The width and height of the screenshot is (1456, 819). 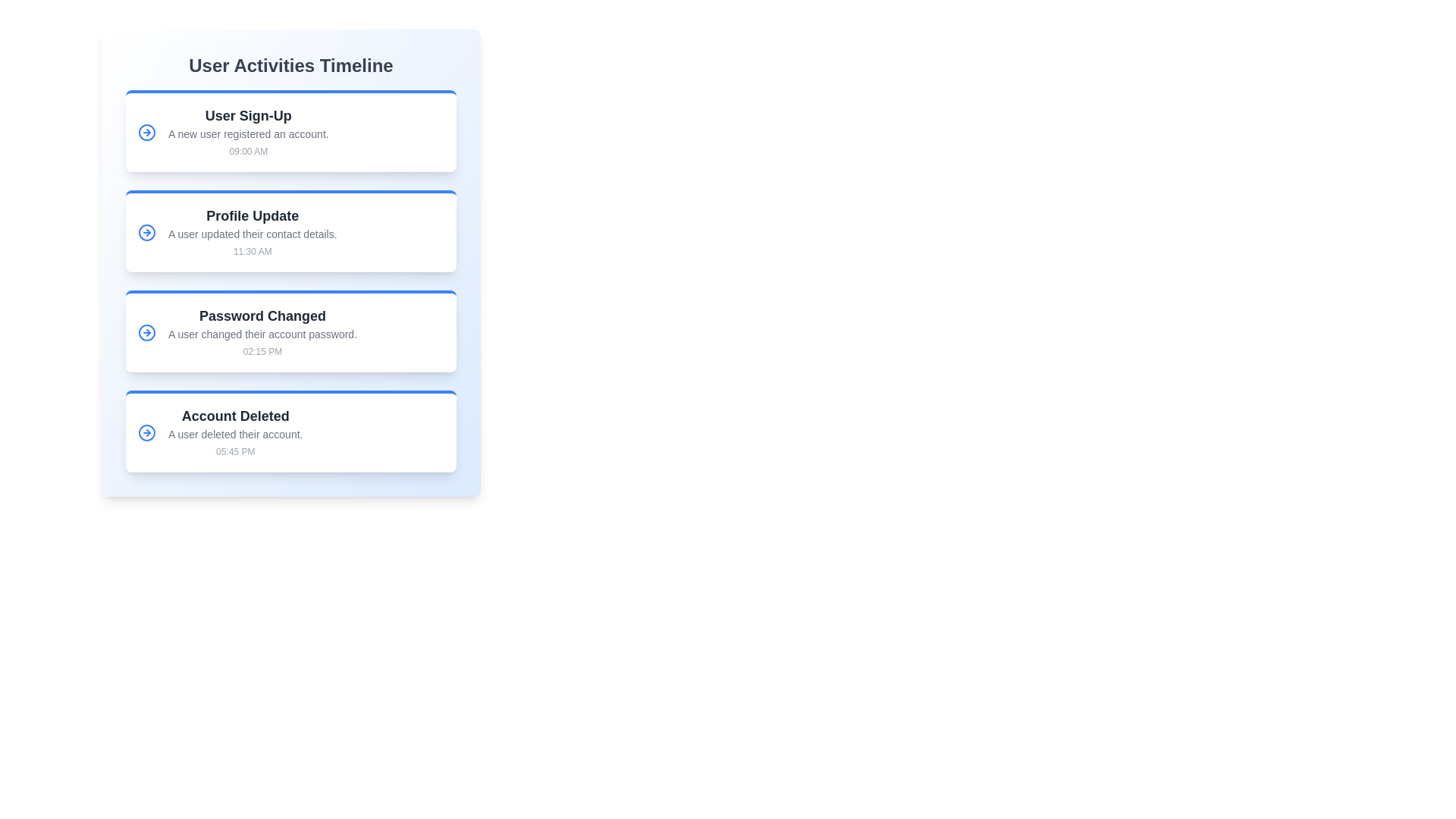 I want to click on the informative card element titled 'User Sign-Up' which contains a description of a new user registration and a timestamp, located at the top of the 'User Activities Timeline', so click(x=291, y=130).